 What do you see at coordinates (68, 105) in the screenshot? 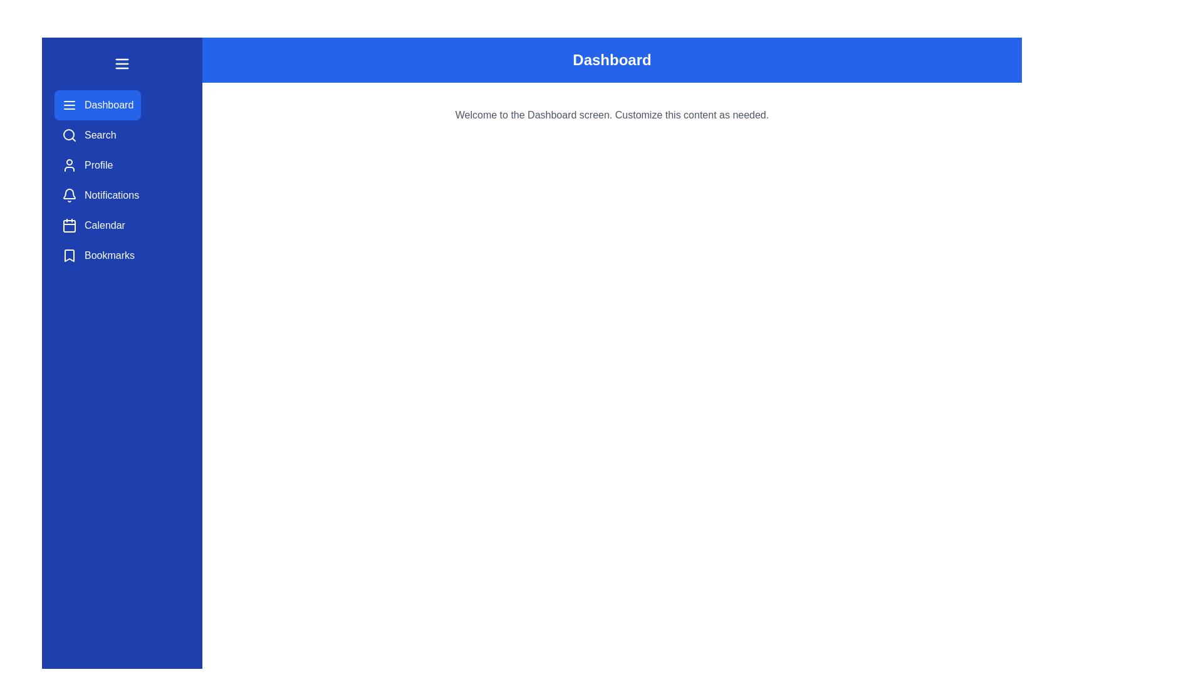
I see `the icon representing the navigation menu, located to the left of the 'Dashboard' label in the vertical navigation bar` at bounding box center [68, 105].